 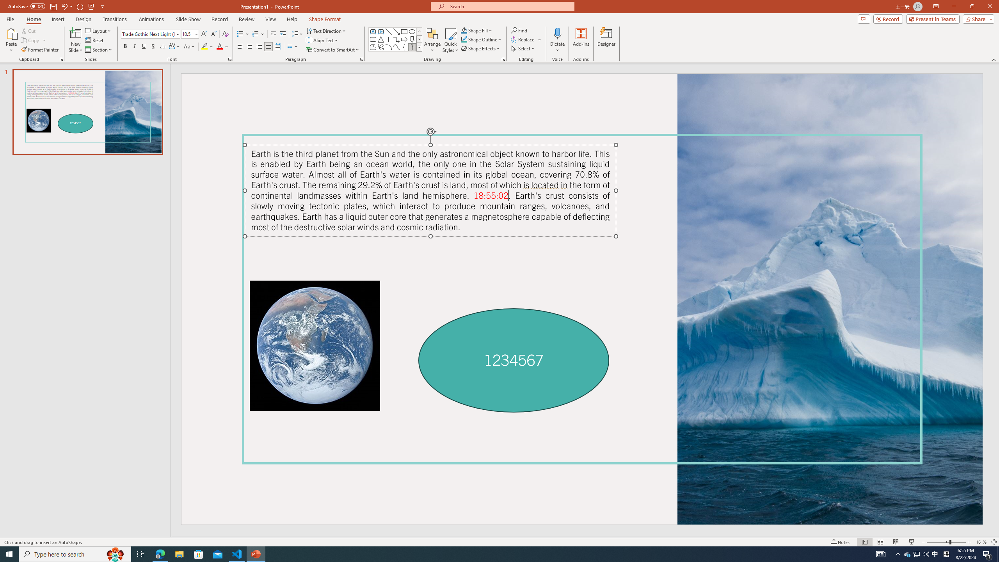 I want to click on 'Underline', so click(x=143, y=46).